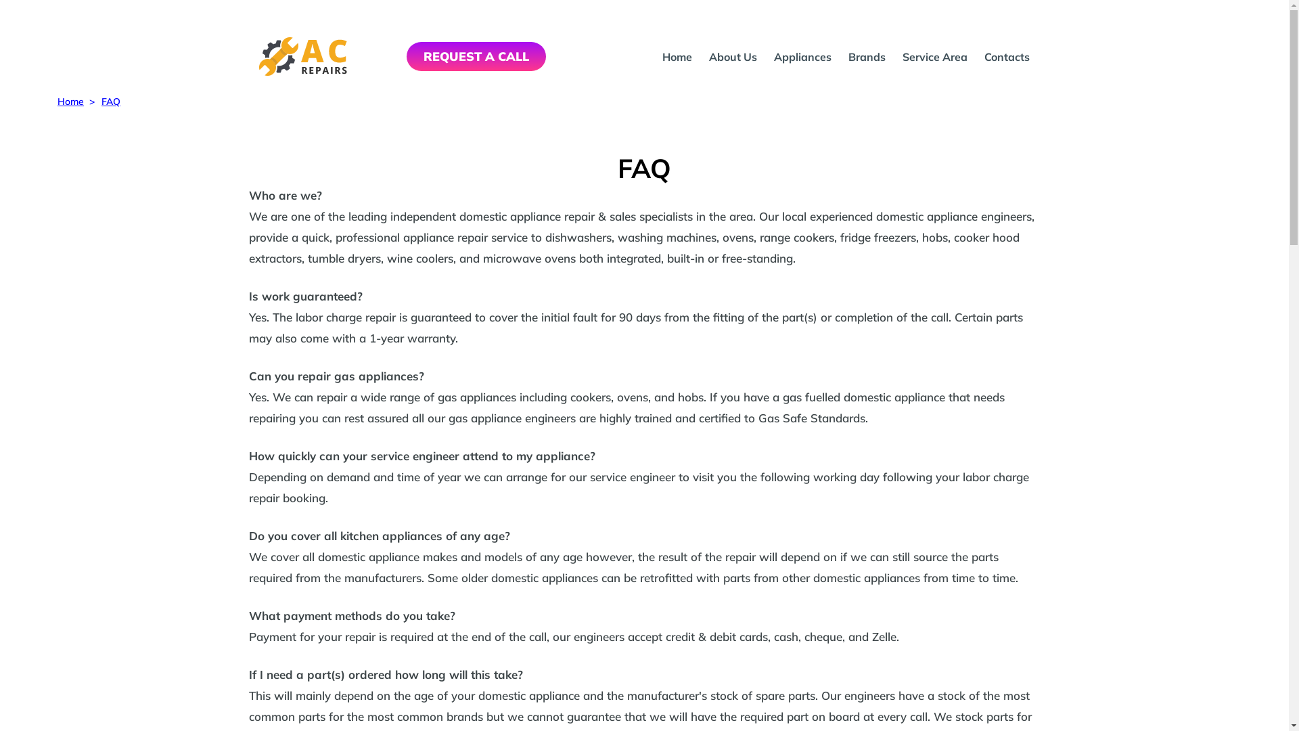  I want to click on 'Home', so click(57, 101).